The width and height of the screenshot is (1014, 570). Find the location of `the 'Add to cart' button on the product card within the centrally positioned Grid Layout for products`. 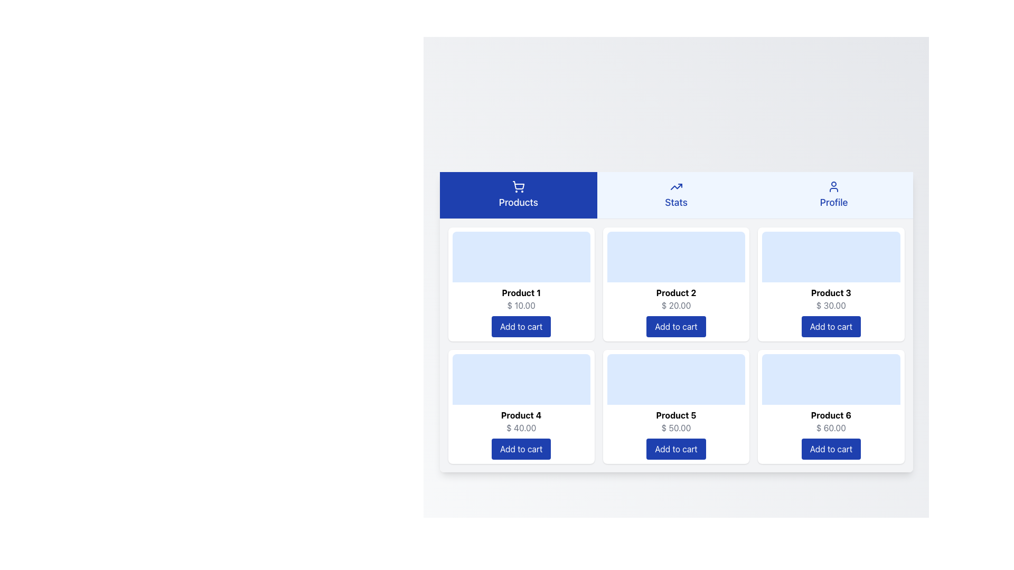

the 'Add to cart' button on the product card within the centrally positioned Grid Layout for products is located at coordinates (676, 345).